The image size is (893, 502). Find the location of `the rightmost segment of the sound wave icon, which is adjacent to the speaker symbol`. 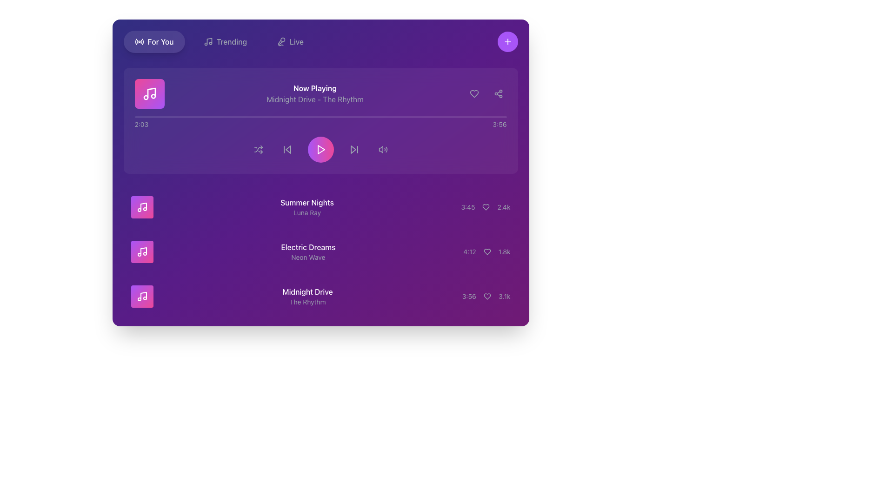

the rightmost segment of the sound wave icon, which is adjacent to the speaker symbol is located at coordinates (386, 149).